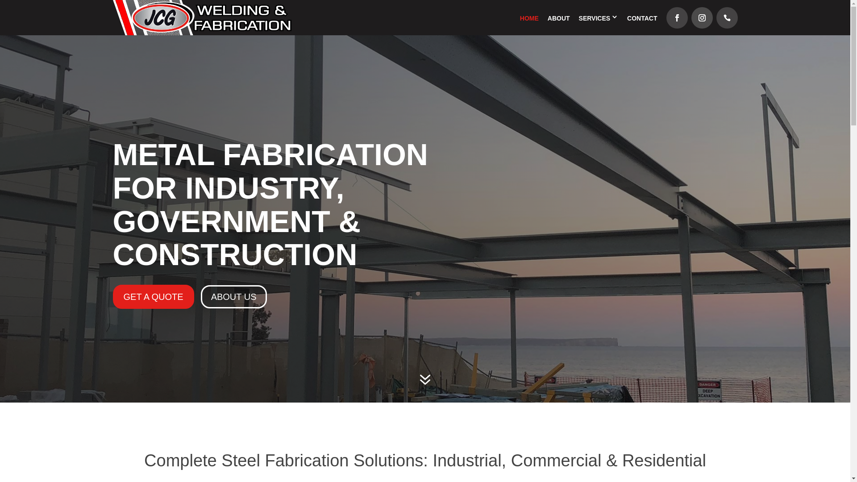 The image size is (857, 482). What do you see at coordinates (641, 18) in the screenshot?
I see `'CONTACT'` at bounding box center [641, 18].